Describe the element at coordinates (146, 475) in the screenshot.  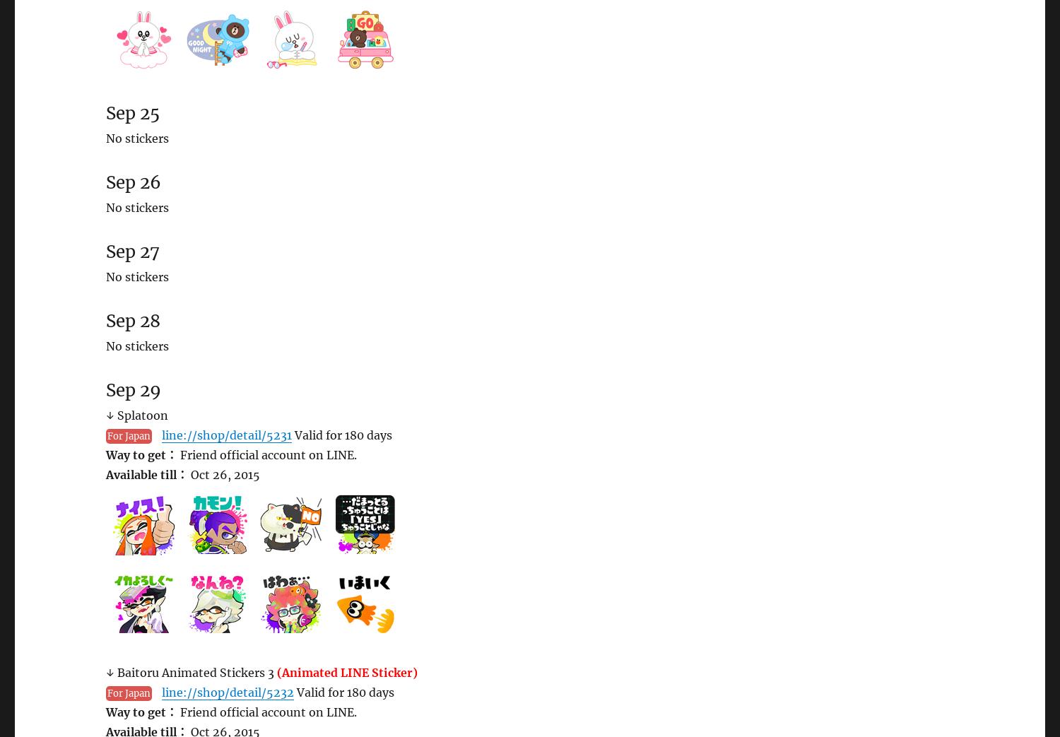
I see `'Available till：'` at that location.